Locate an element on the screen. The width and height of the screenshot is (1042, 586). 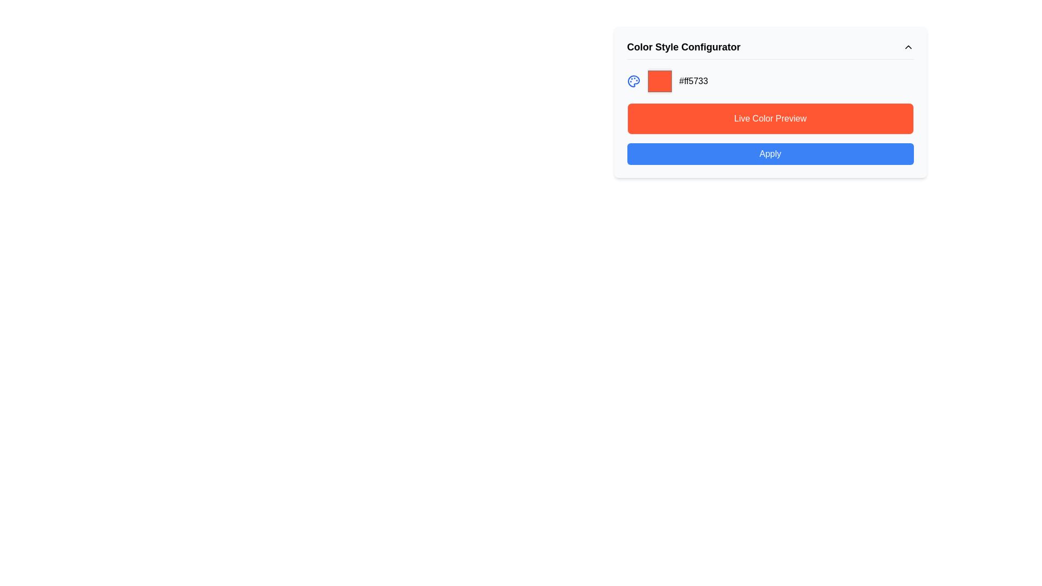
the palette icon with a thin blue outline and circular design, which is the first item in the row next to the color block and color code input is located at coordinates (633, 81).